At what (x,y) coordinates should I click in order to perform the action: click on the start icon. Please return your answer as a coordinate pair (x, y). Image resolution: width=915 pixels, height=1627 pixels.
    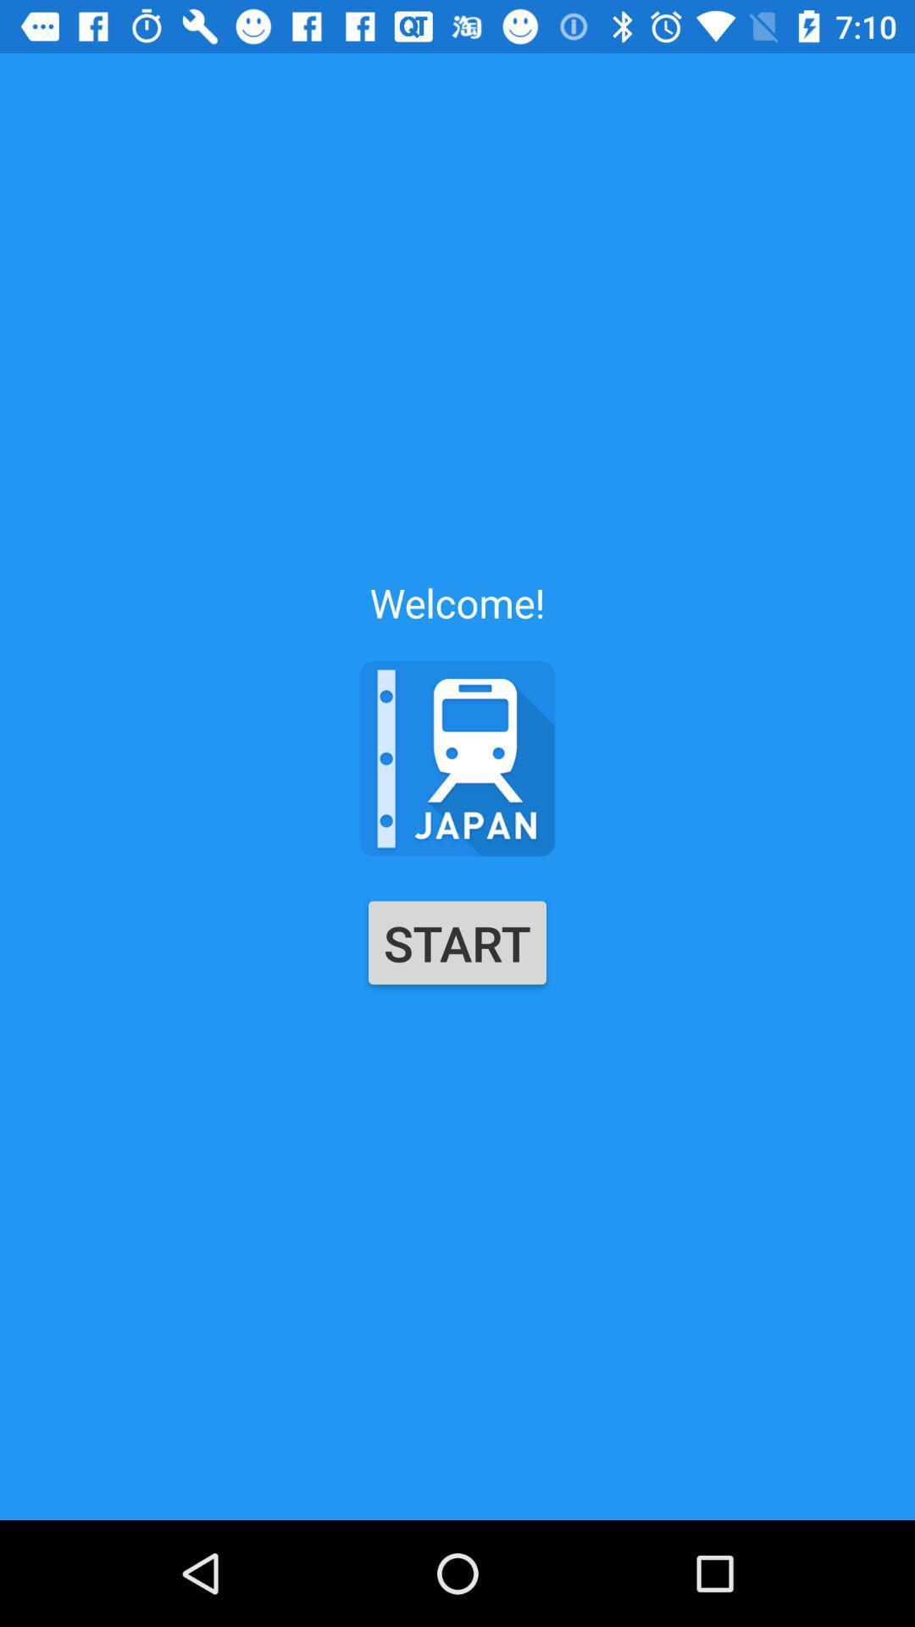
    Looking at the image, I should click on (457, 941).